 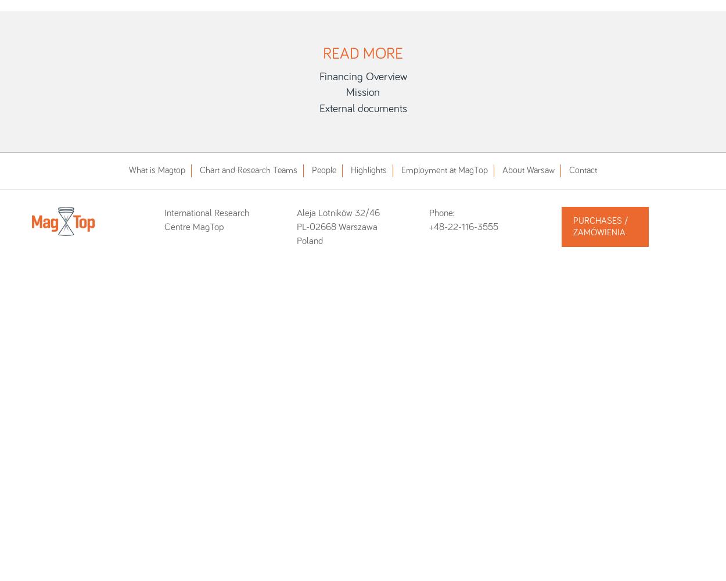 I want to click on 'Employment at MagTop', so click(x=444, y=170).